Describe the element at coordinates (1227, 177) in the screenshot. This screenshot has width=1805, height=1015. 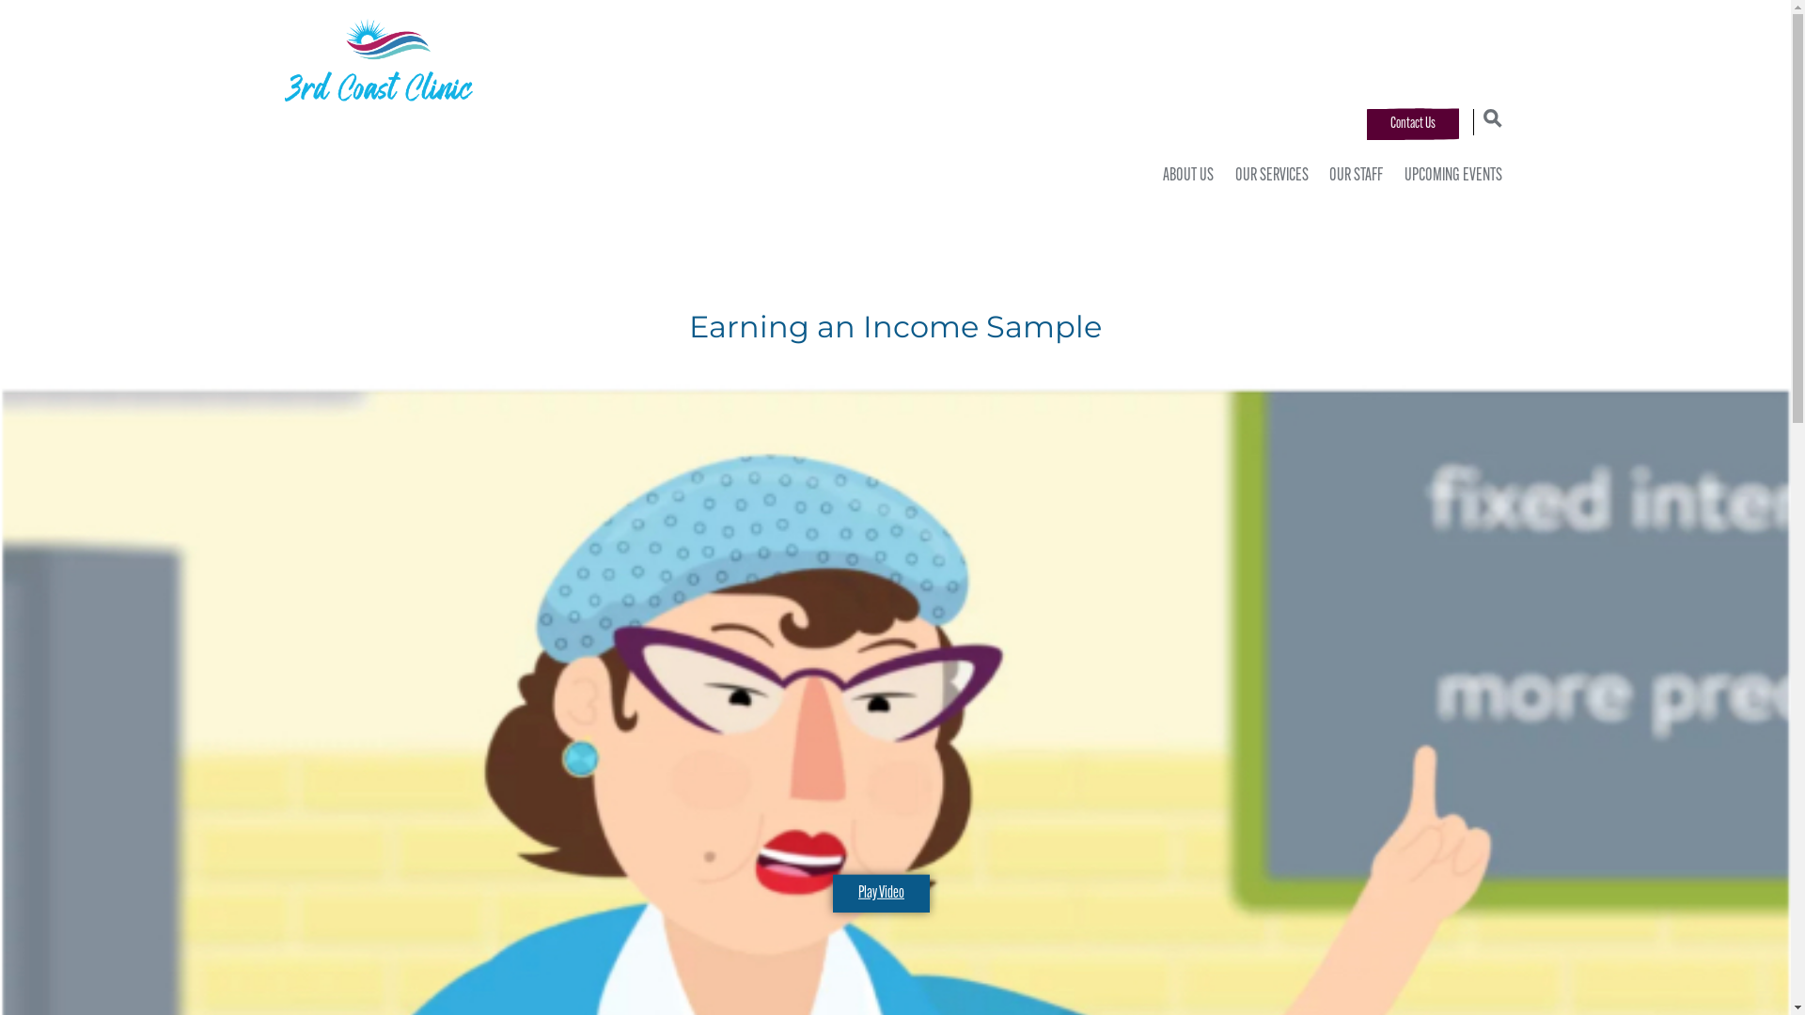
I see `'OUR SERVICES'` at that location.